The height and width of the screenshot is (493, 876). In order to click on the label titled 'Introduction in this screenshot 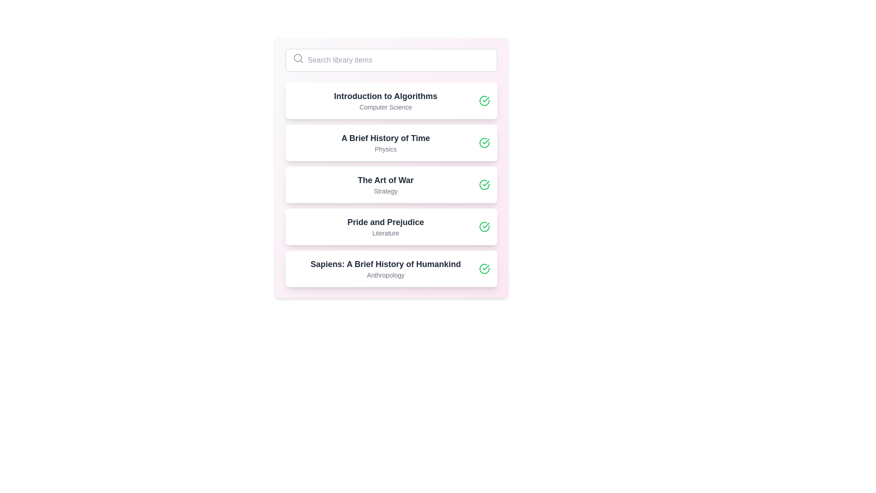, I will do `click(386, 100)`.